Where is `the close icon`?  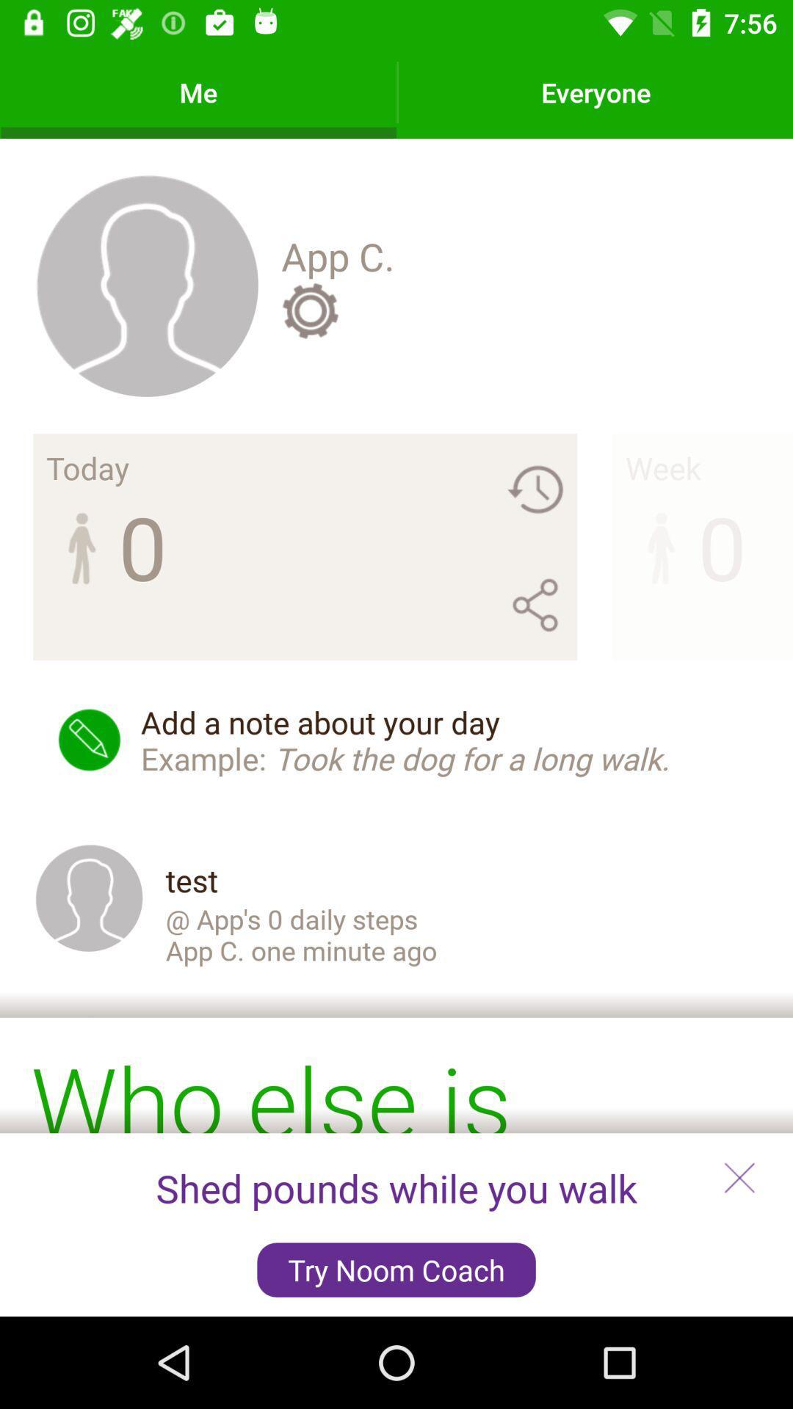 the close icon is located at coordinates (739, 1177).